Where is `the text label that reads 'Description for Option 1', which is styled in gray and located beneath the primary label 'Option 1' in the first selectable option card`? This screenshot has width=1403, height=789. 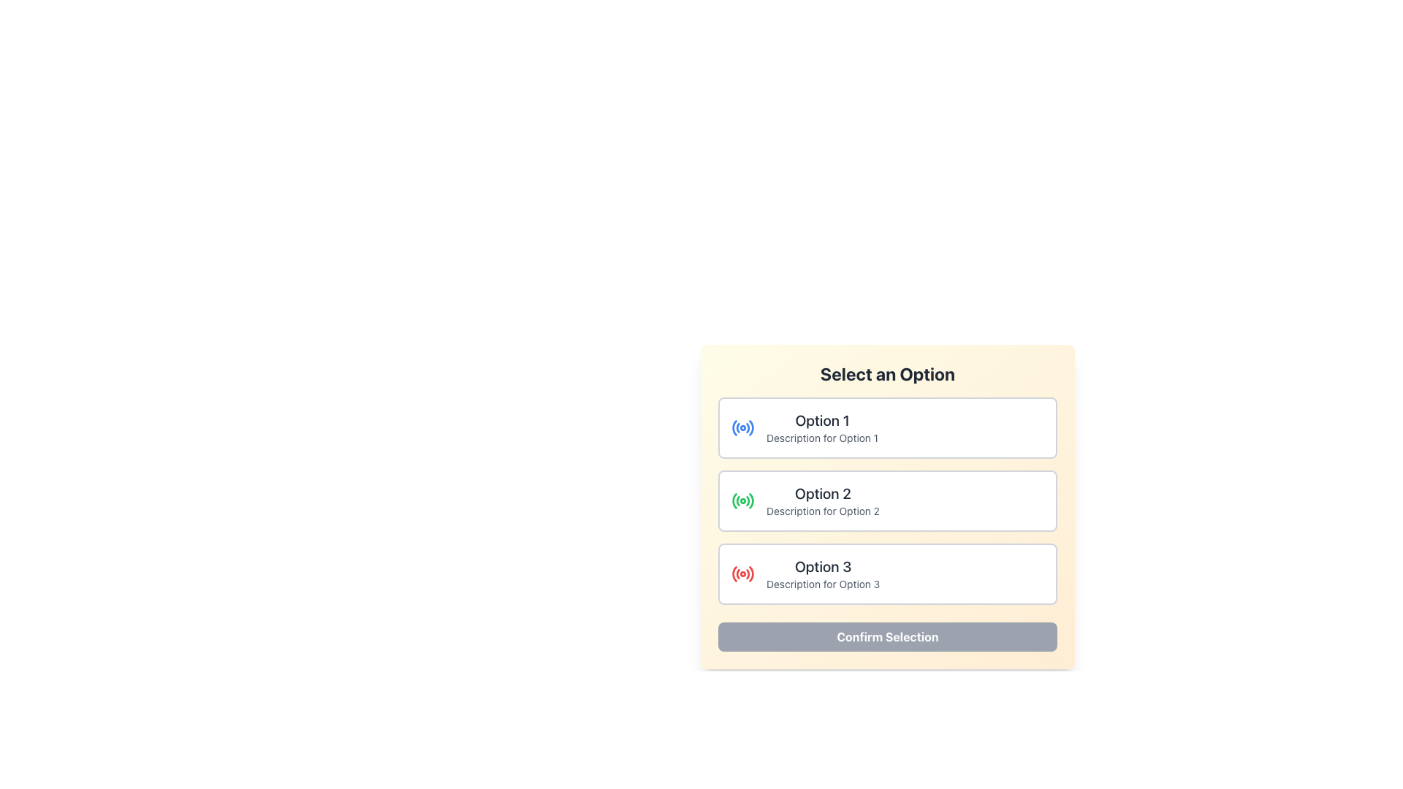
the text label that reads 'Description for Option 1', which is styled in gray and located beneath the primary label 'Option 1' in the first selectable option card is located at coordinates (822, 438).